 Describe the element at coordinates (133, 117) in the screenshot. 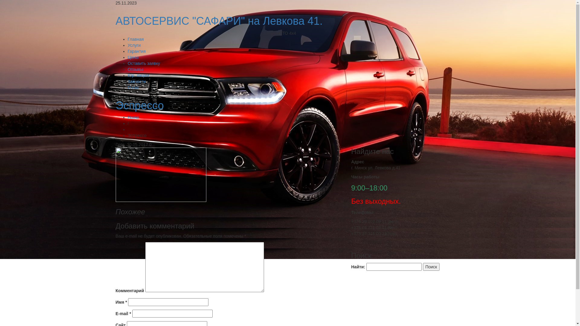

I see `'Home'` at that location.